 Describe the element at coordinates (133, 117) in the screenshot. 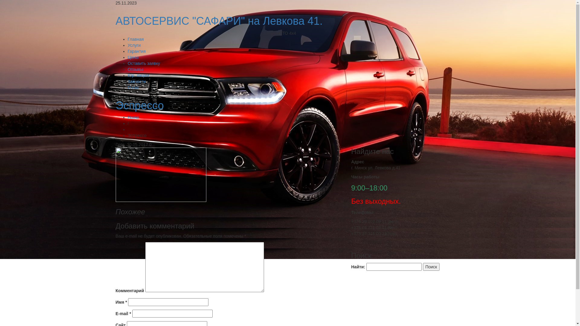

I see `'Home'` at that location.